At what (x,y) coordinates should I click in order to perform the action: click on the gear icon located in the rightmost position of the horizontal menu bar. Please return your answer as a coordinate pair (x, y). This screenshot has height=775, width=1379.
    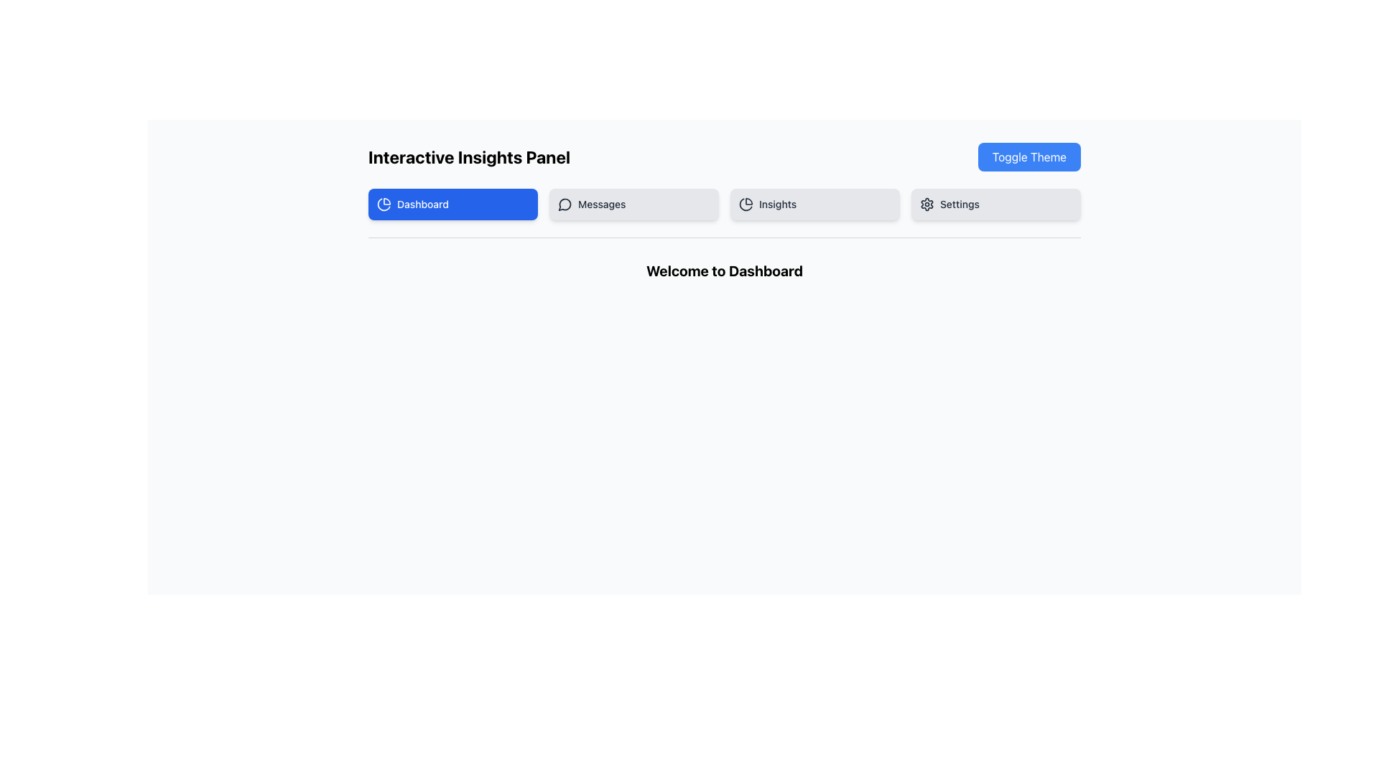
    Looking at the image, I should click on (927, 205).